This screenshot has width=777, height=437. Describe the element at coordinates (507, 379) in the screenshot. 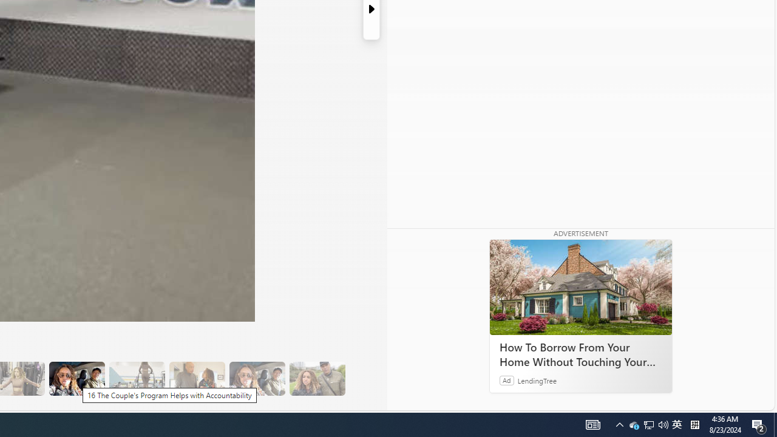

I see `'Ad'` at that location.